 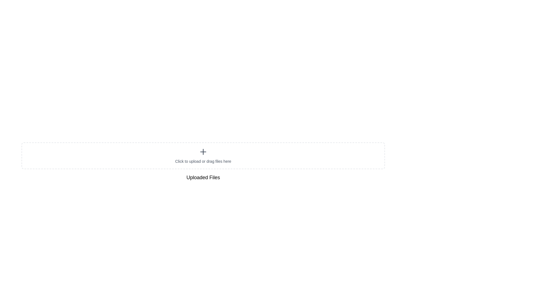 What do you see at coordinates (203, 152) in the screenshot?
I see `the neutral gray 'plus' icon, which is centrally located within the dotted rectangular area labeled 'Click to upload or drag files here', to potentially display a tooltip` at bounding box center [203, 152].